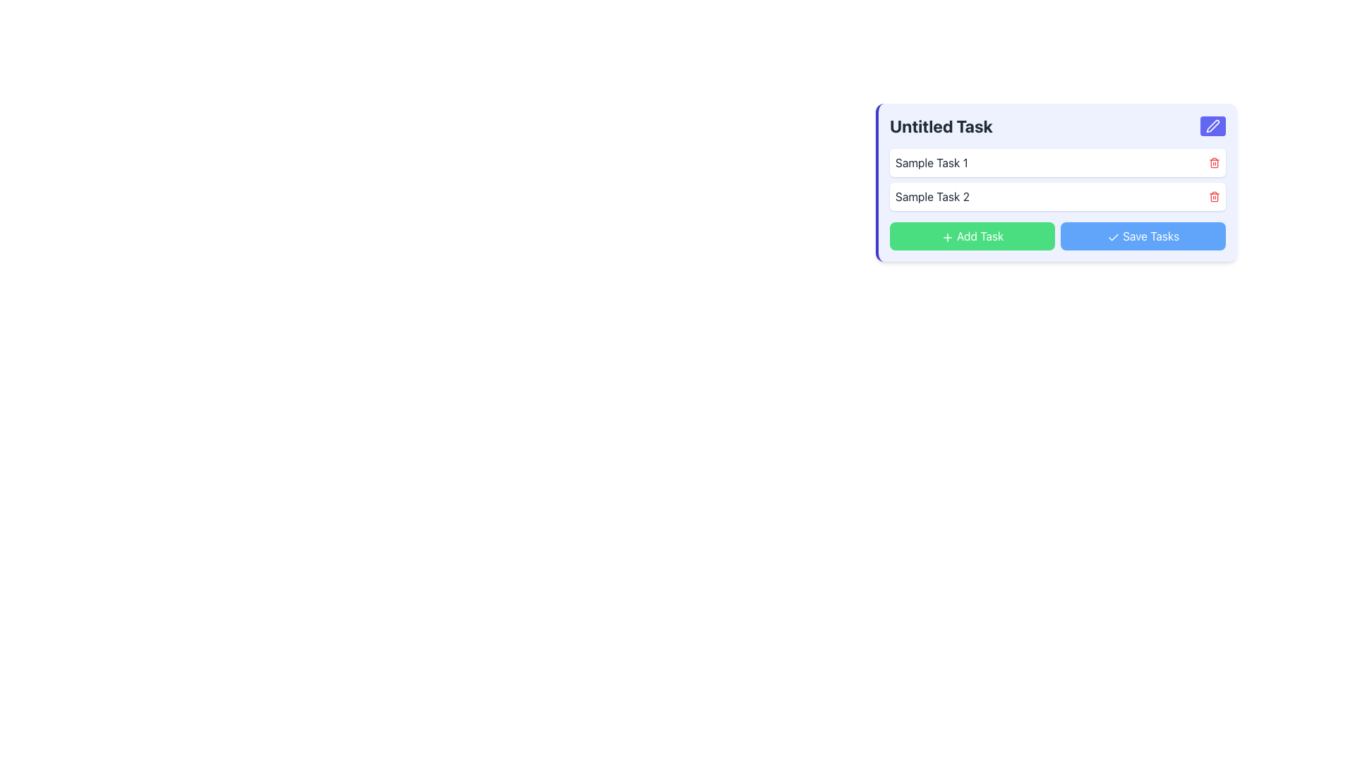  I want to click on the button located to the left of the 'Save Tasks' button, so click(971, 236).